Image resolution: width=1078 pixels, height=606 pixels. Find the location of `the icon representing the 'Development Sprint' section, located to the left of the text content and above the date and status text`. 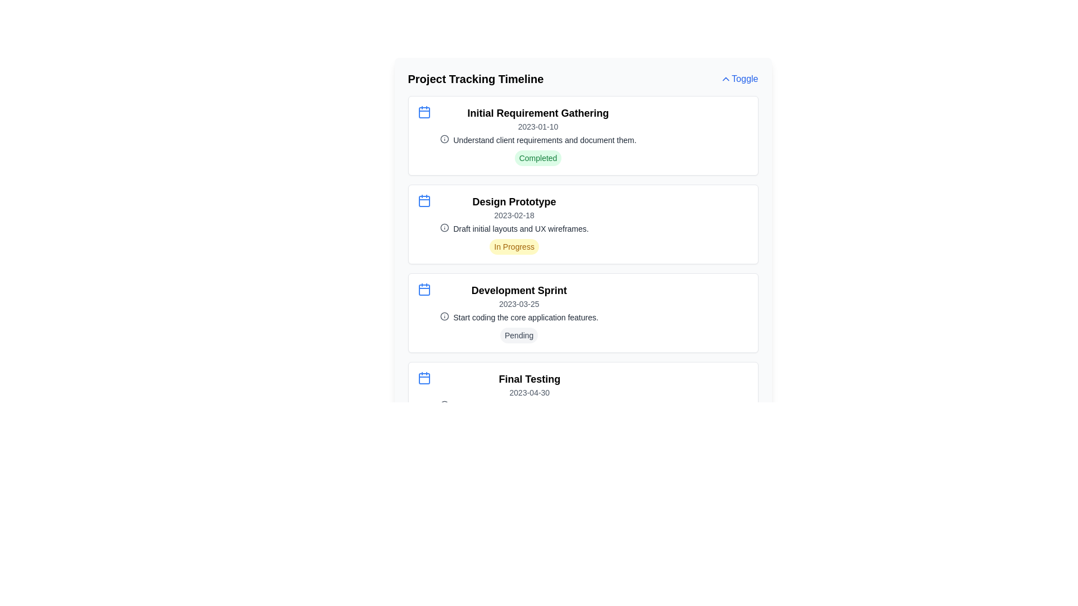

the icon representing the 'Development Sprint' section, located to the left of the text content and above the date and status text is located at coordinates (423, 289).